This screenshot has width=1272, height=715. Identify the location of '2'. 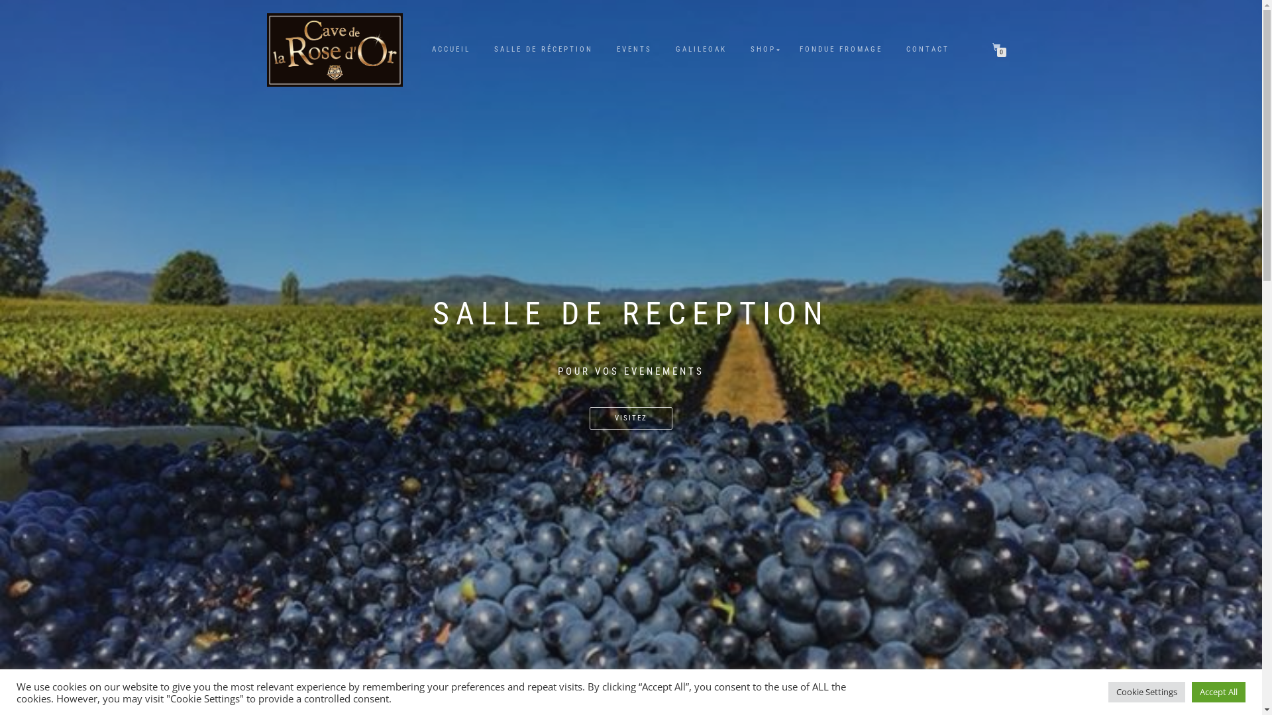
(622, 687).